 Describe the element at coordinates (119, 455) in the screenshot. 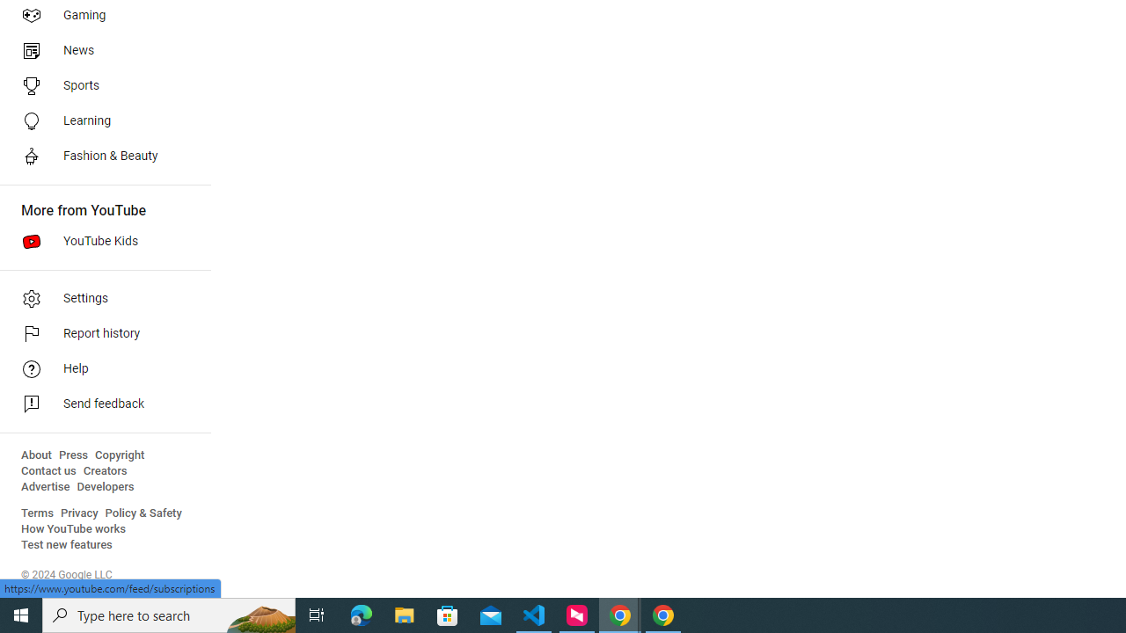

I see `'Copyright'` at that location.